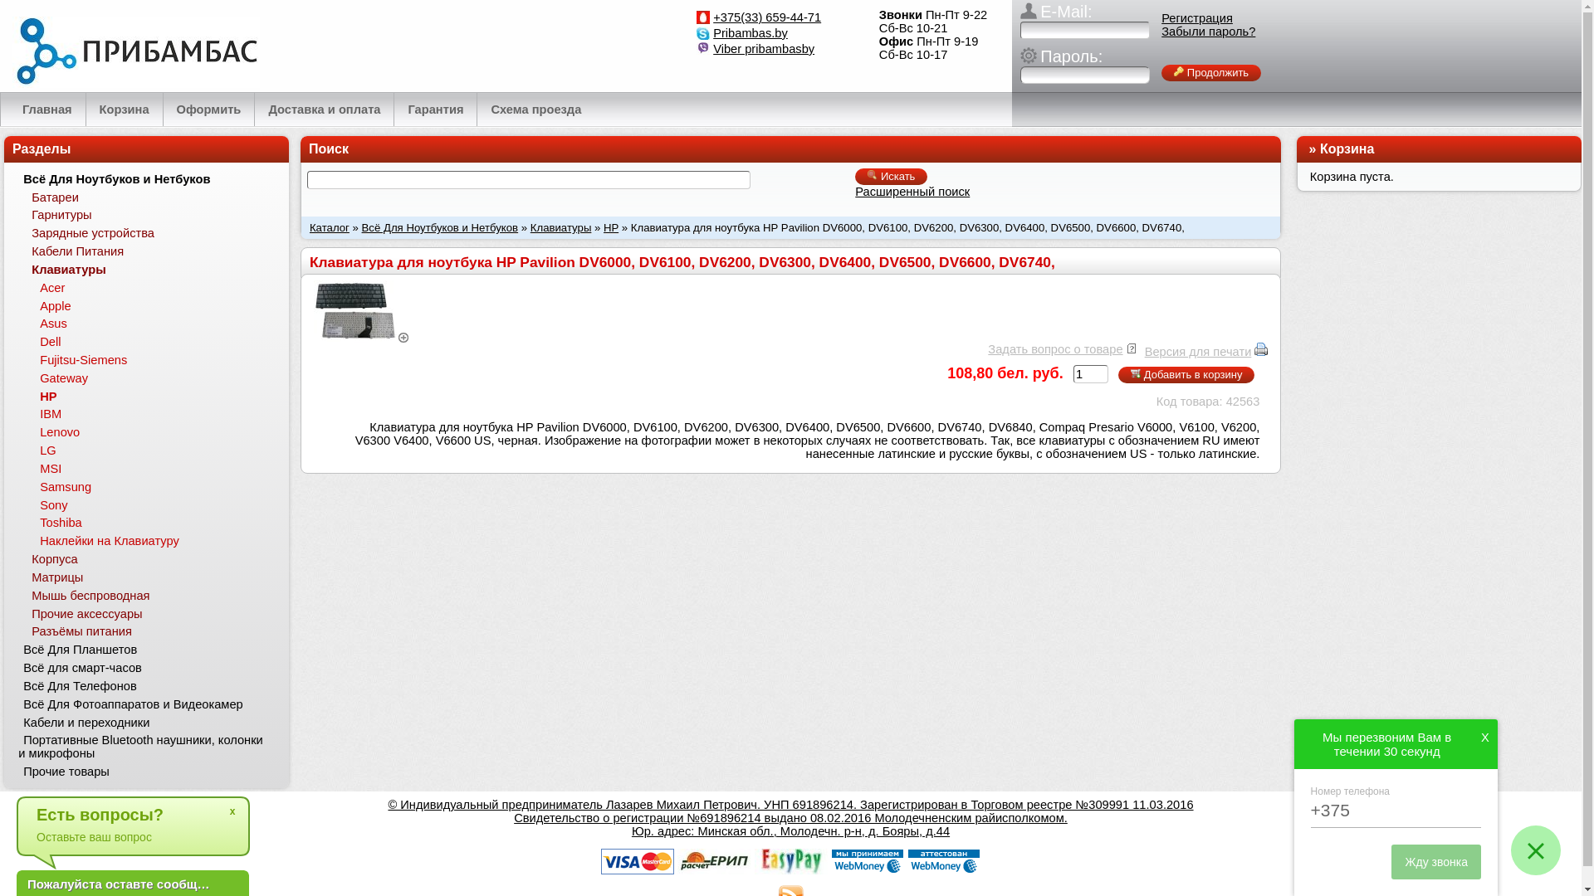  What do you see at coordinates (766, 17) in the screenshot?
I see `'+375(33) 659-44-71'` at bounding box center [766, 17].